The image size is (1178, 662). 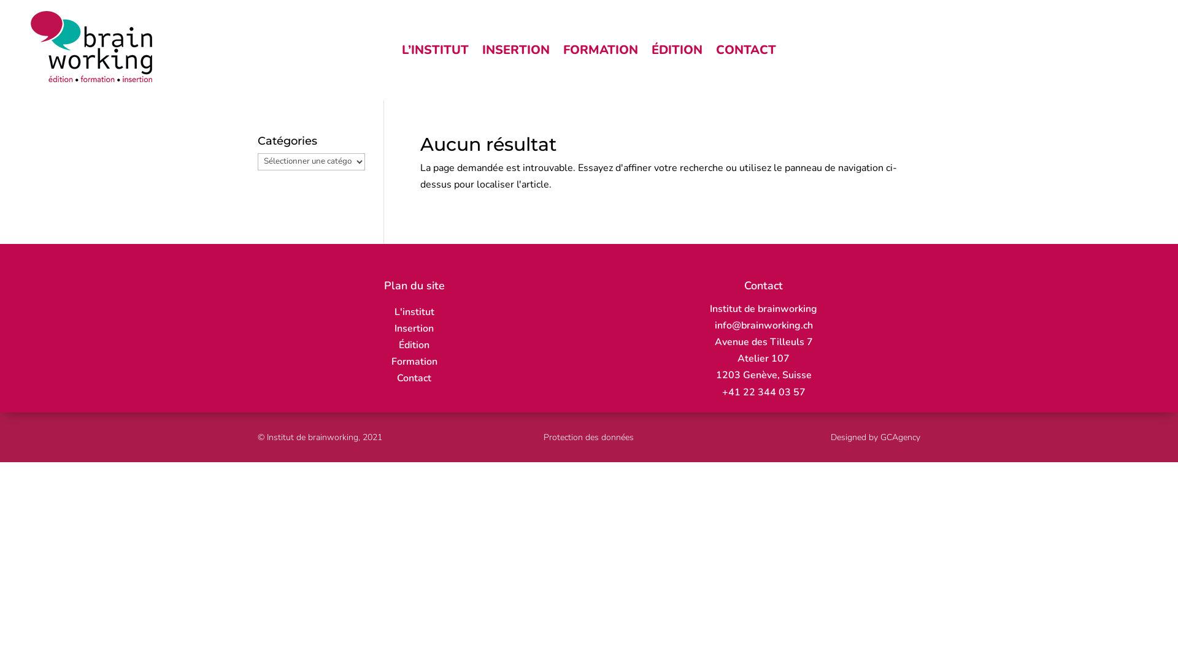 I want to click on 'CONTACT', so click(x=745, y=51).